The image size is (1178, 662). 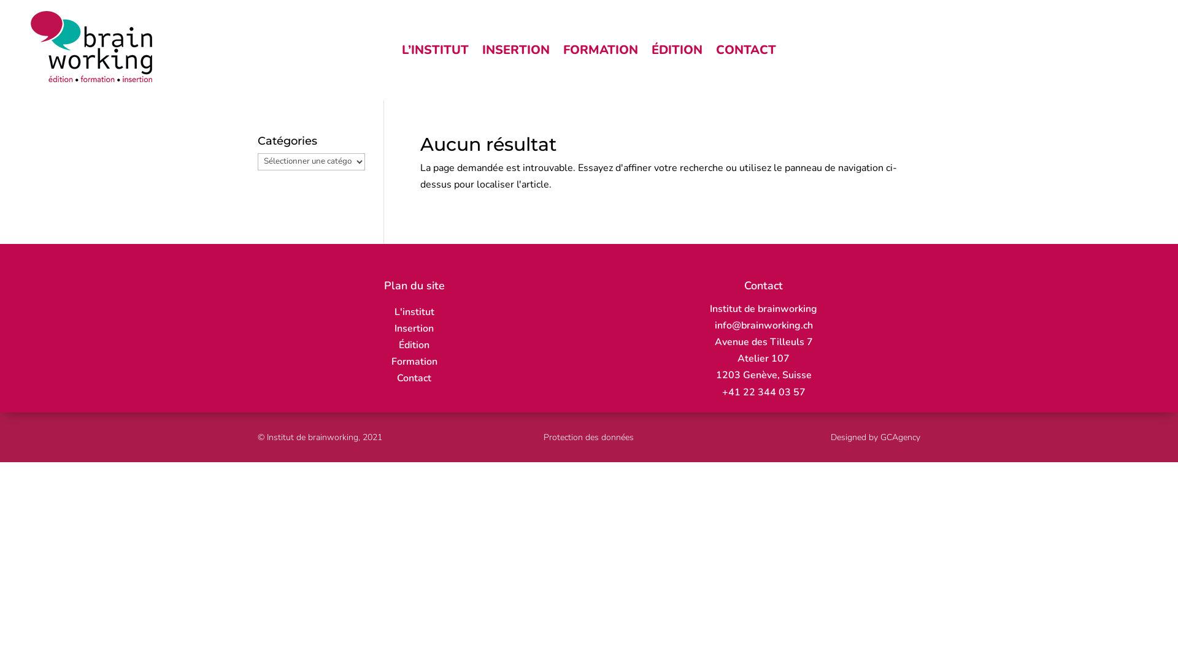 I want to click on 'CONTACT', so click(x=745, y=51).